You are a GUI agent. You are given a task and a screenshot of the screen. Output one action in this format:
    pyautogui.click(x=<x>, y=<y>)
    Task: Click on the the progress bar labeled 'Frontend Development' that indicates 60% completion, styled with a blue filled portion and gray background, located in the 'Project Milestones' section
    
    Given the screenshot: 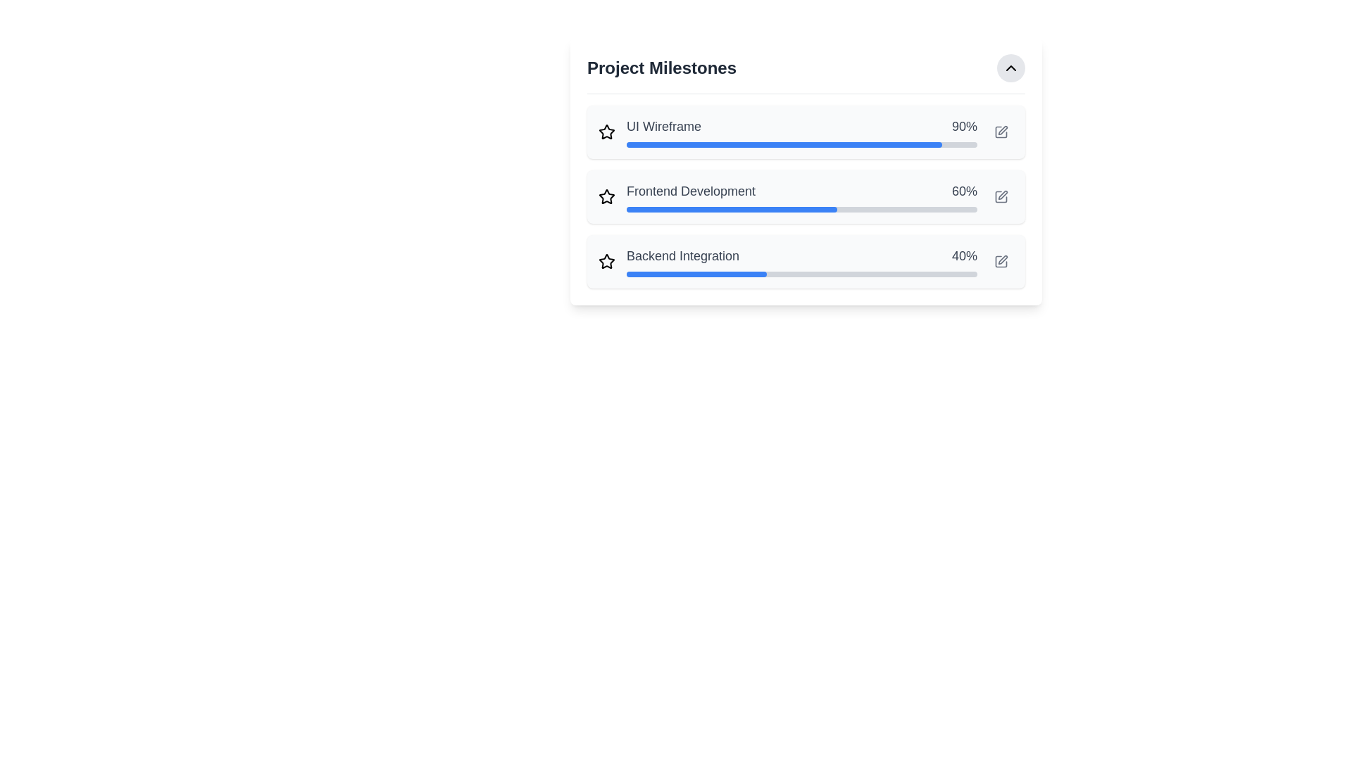 What is the action you would take?
    pyautogui.click(x=806, y=197)
    